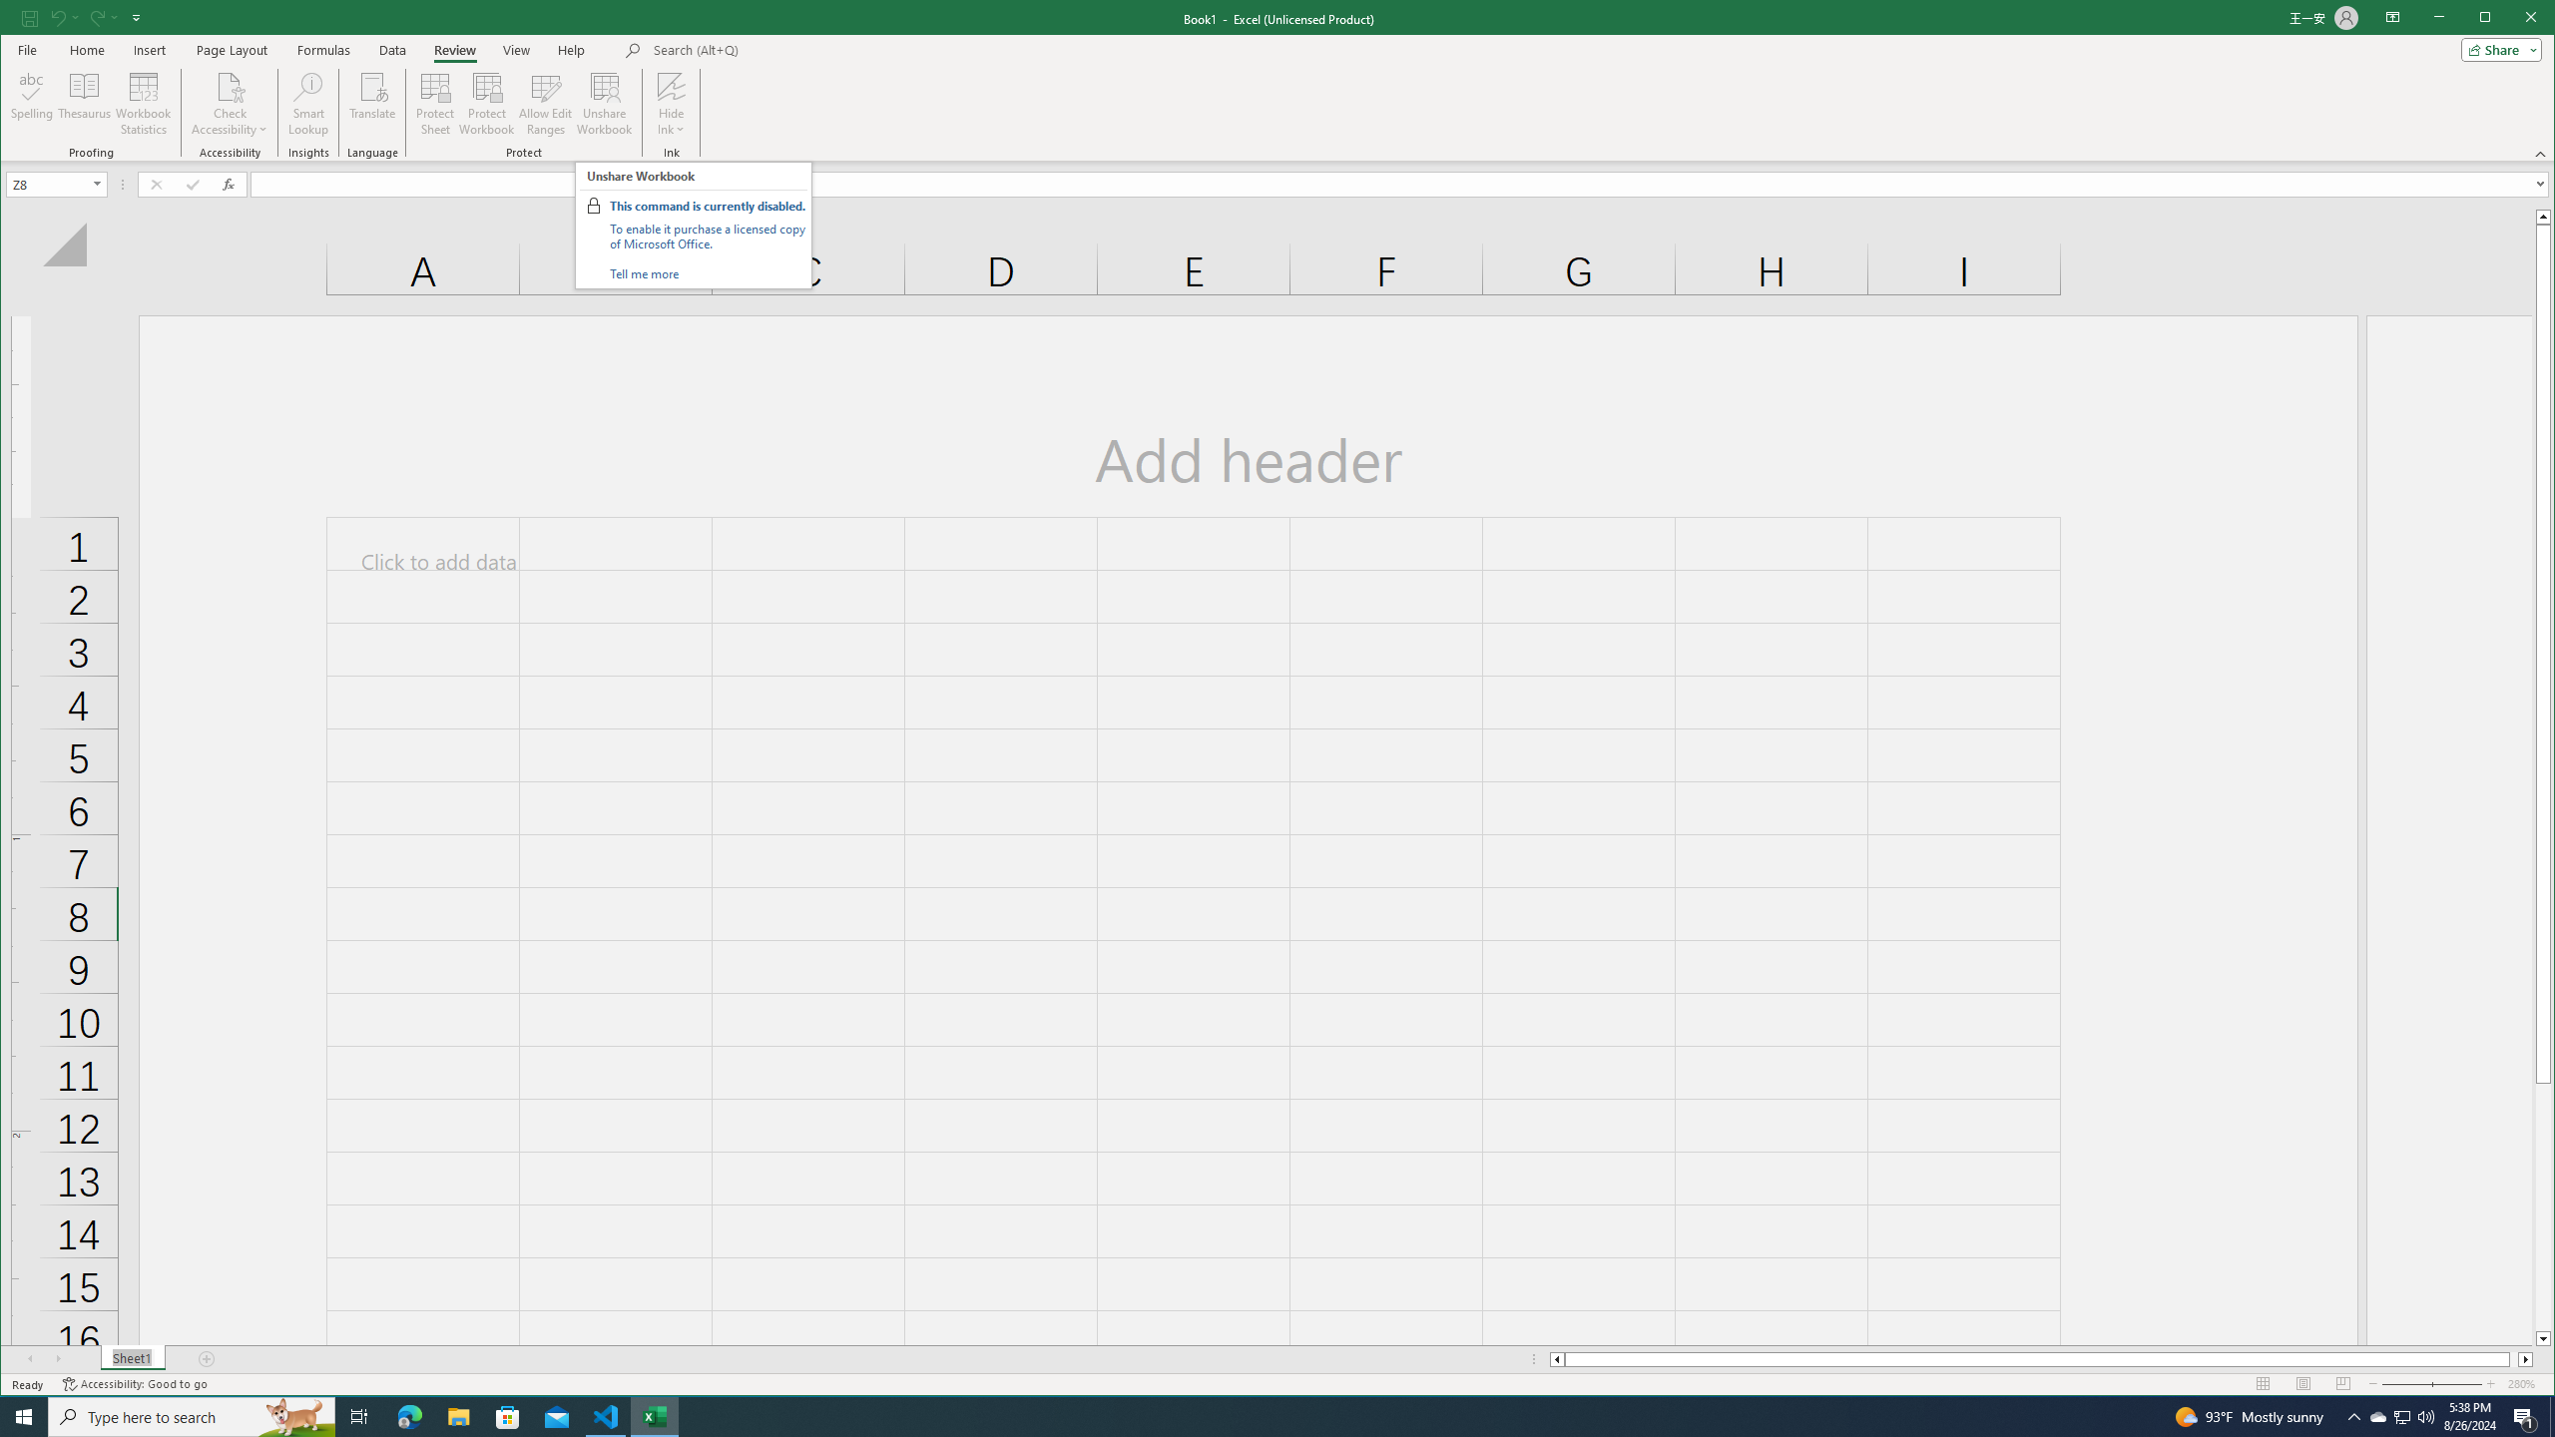 Image resolution: width=2555 pixels, height=1437 pixels. Describe the element at coordinates (133, 1359) in the screenshot. I see `'Sheet Tab'` at that location.